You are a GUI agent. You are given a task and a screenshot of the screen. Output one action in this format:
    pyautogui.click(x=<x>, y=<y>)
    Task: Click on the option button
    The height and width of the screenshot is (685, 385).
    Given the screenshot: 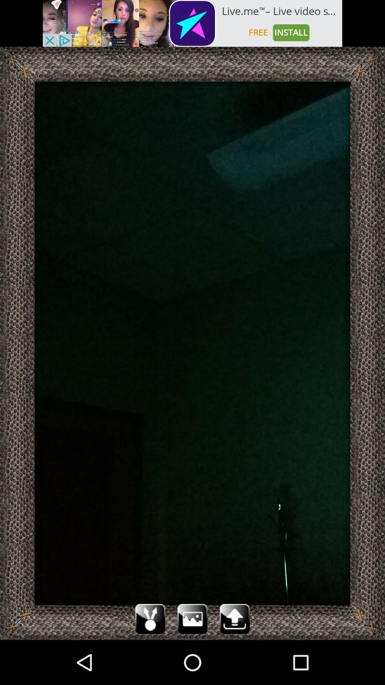 What is the action you would take?
    pyautogui.click(x=192, y=618)
    